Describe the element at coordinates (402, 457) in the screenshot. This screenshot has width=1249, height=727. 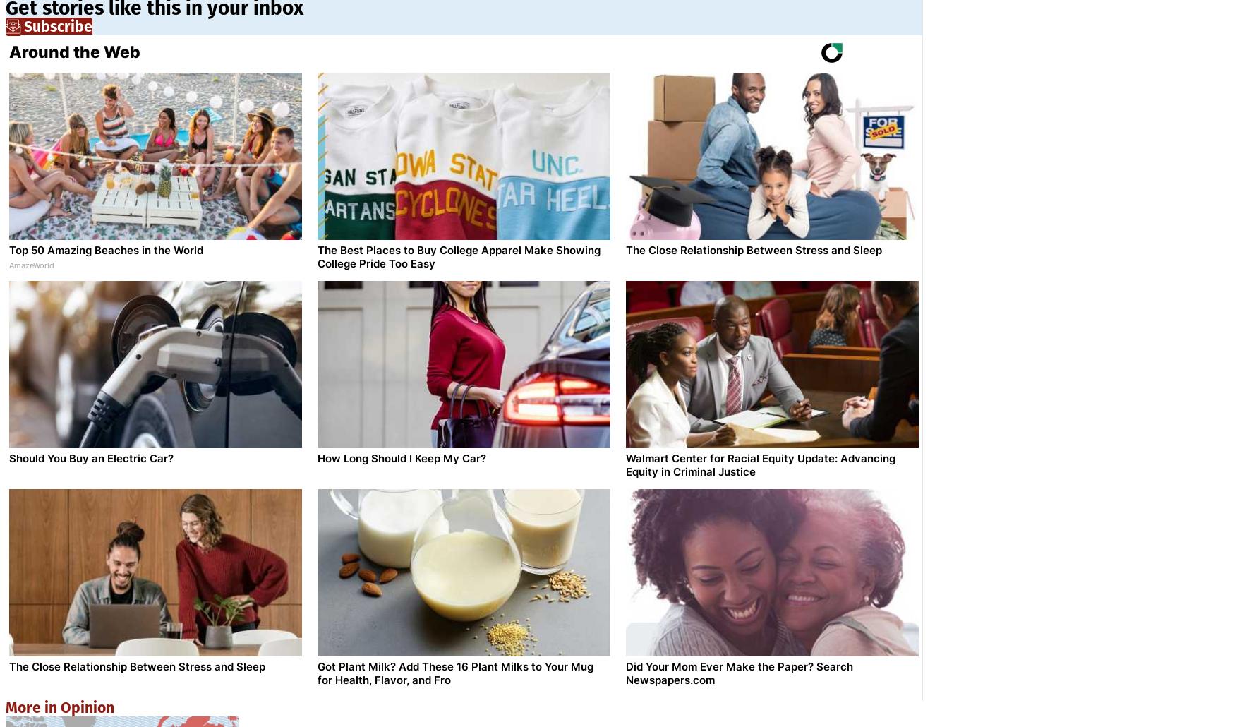
I see `'How Long Should I Keep My Car?'` at that location.